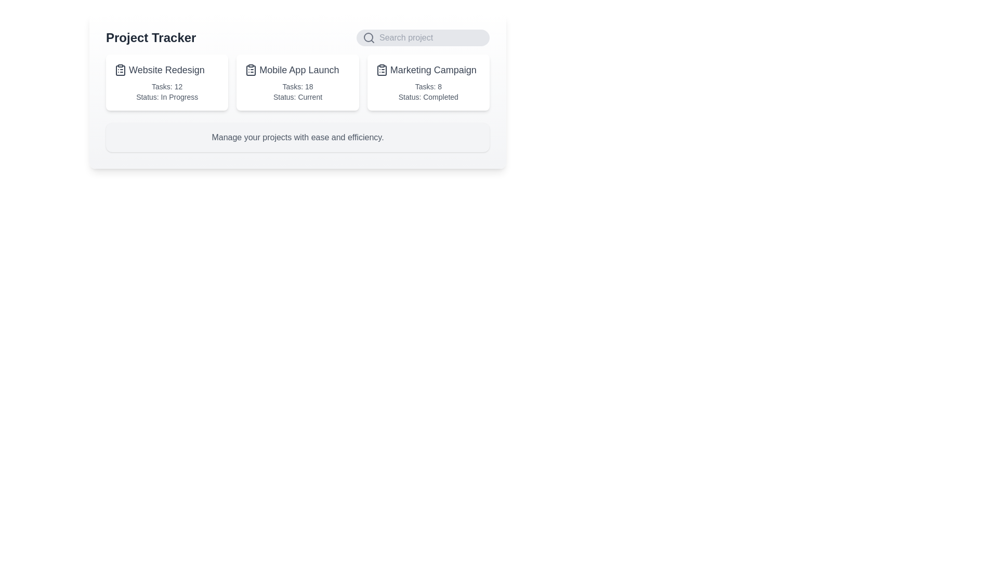  I want to click on the text snippet reading 'Tasks: 8' which is styled with a smaller font size and gray color, located inside the 'Marketing Campaign' box, so click(428, 86).